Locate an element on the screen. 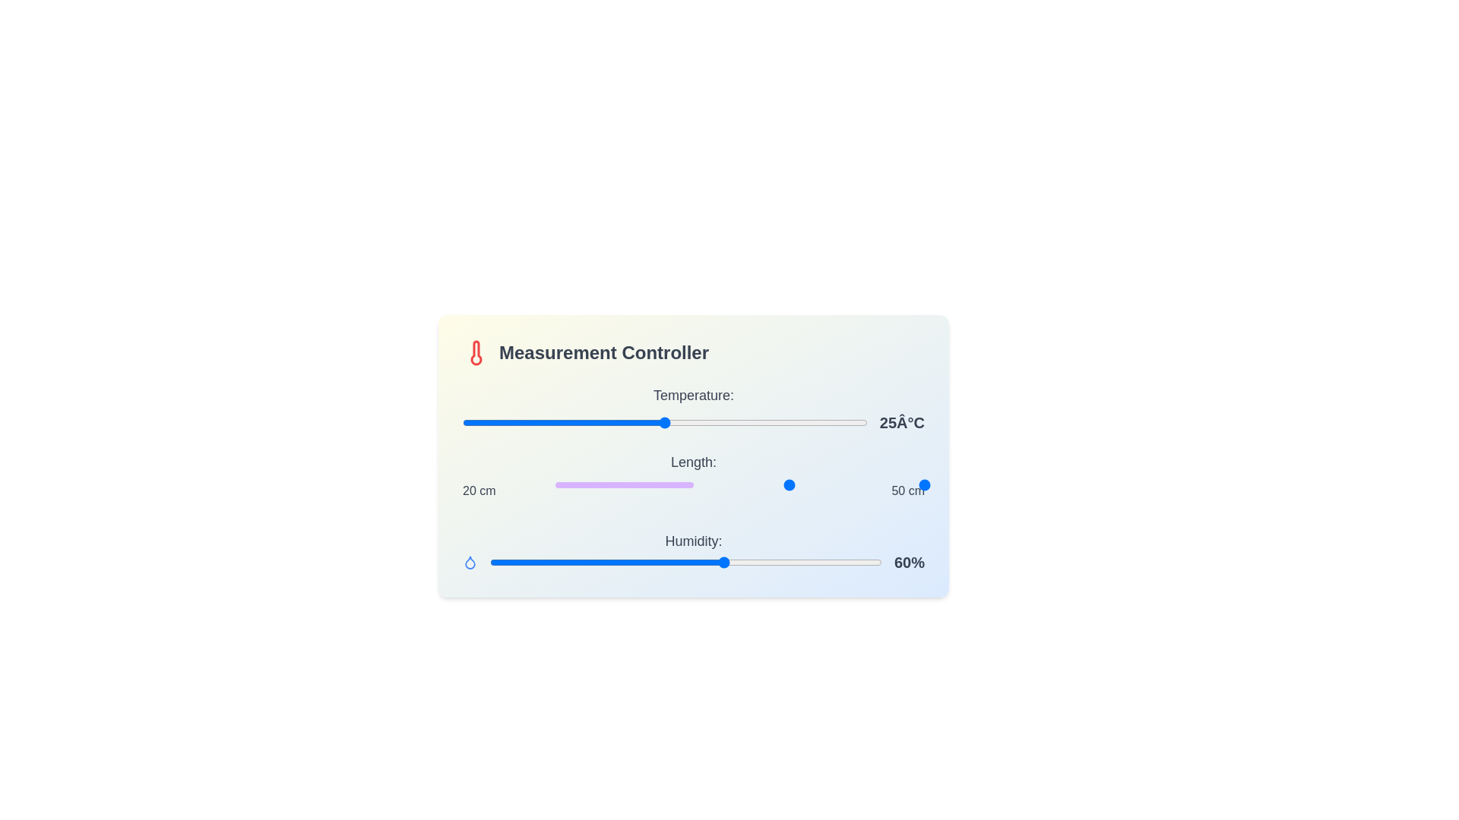  the humidity level is located at coordinates (579, 562).